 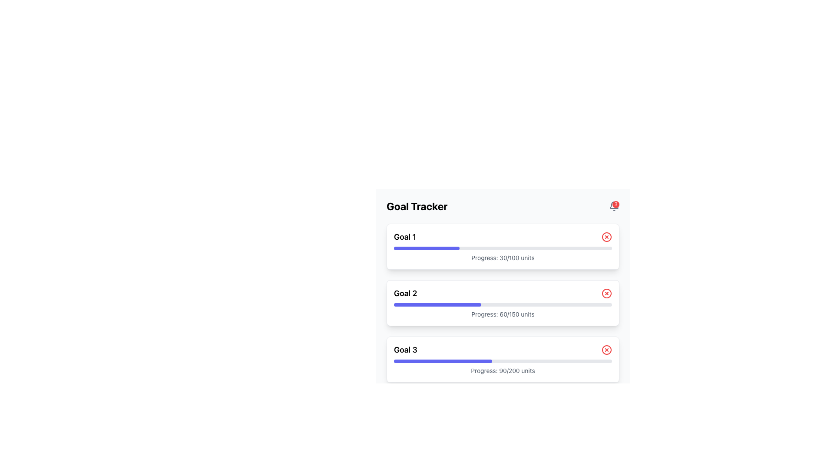 What do you see at coordinates (437, 304) in the screenshot?
I see `the color and dimensions of the Progress bar segment within the 'Goal 2' section, which visually indicates 40% of the total progress` at bounding box center [437, 304].